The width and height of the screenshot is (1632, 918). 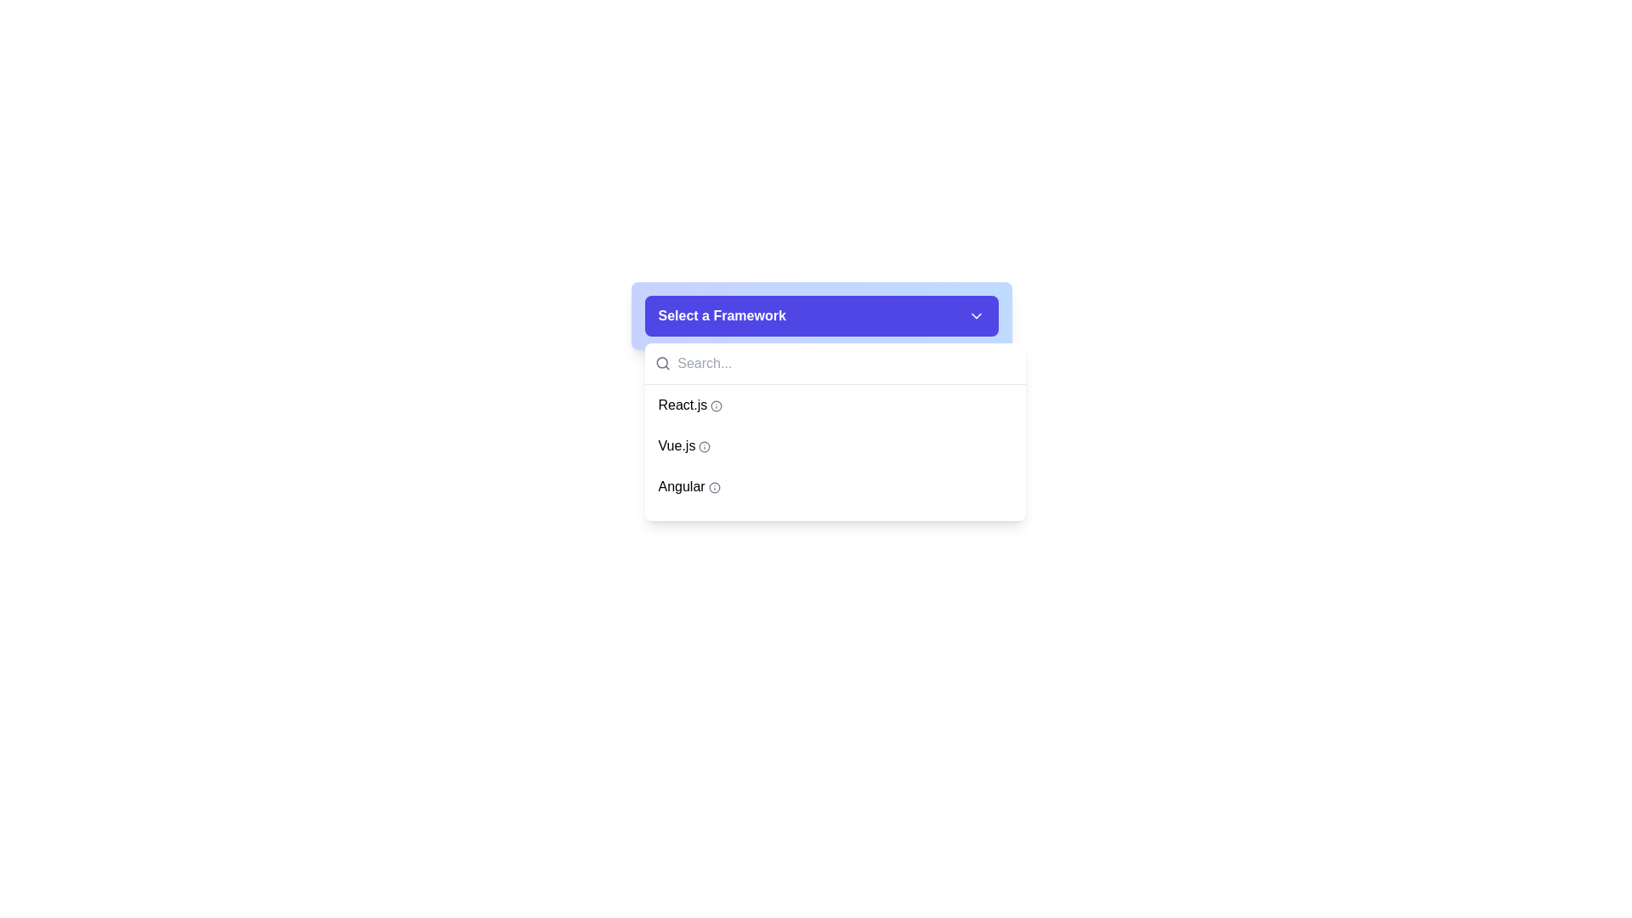 What do you see at coordinates (714, 487) in the screenshot?
I see `the Icon next to the 'Angular' text in the dropdown menu that indicates additional information or status about the 'Angular' framework` at bounding box center [714, 487].